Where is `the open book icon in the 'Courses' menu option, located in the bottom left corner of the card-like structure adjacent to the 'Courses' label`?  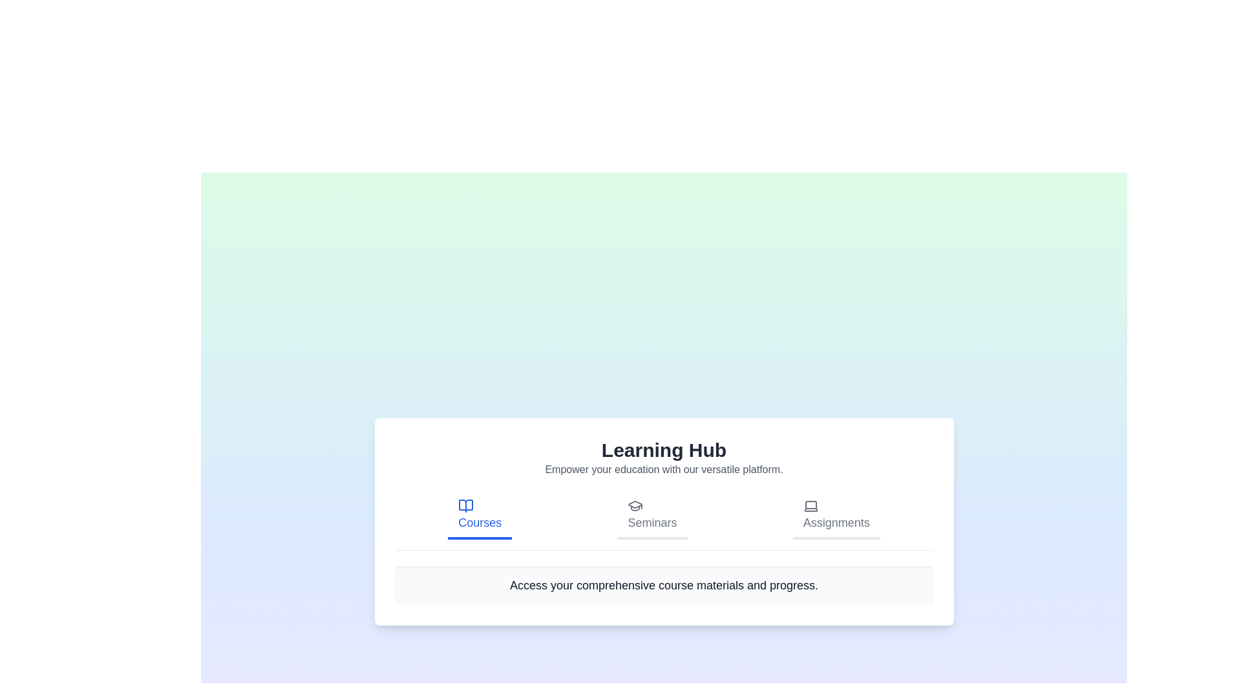
the open book icon in the 'Courses' menu option, located in the bottom left corner of the card-like structure adjacent to the 'Courses' label is located at coordinates (465, 505).